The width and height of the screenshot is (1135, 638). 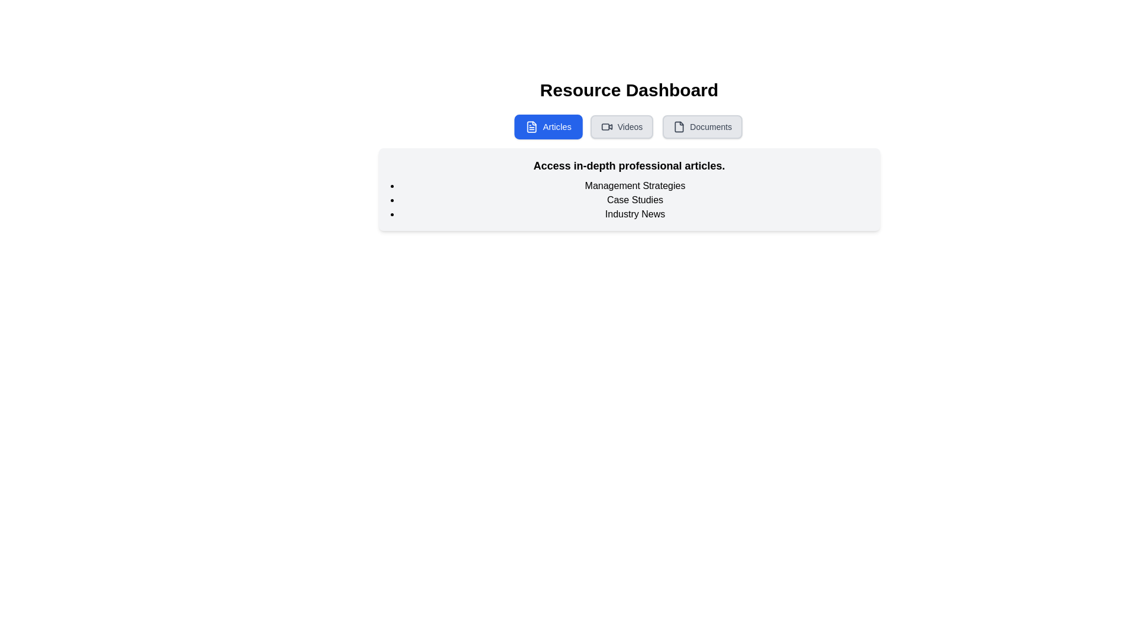 What do you see at coordinates (634, 200) in the screenshot?
I see `the 'Case Studies' list item which is the second item in a vertical list` at bounding box center [634, 200].